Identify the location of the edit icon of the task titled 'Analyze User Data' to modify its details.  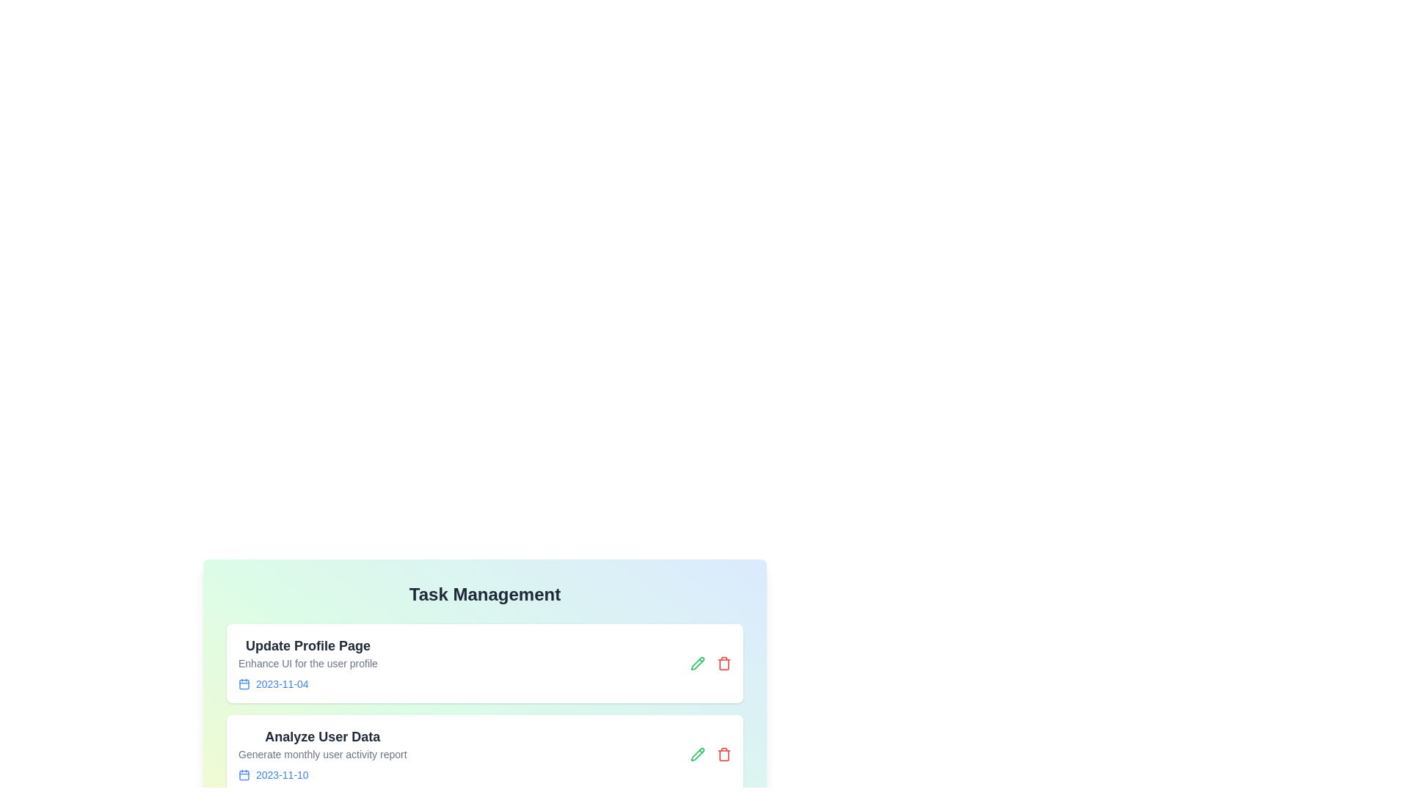
(696, 755).